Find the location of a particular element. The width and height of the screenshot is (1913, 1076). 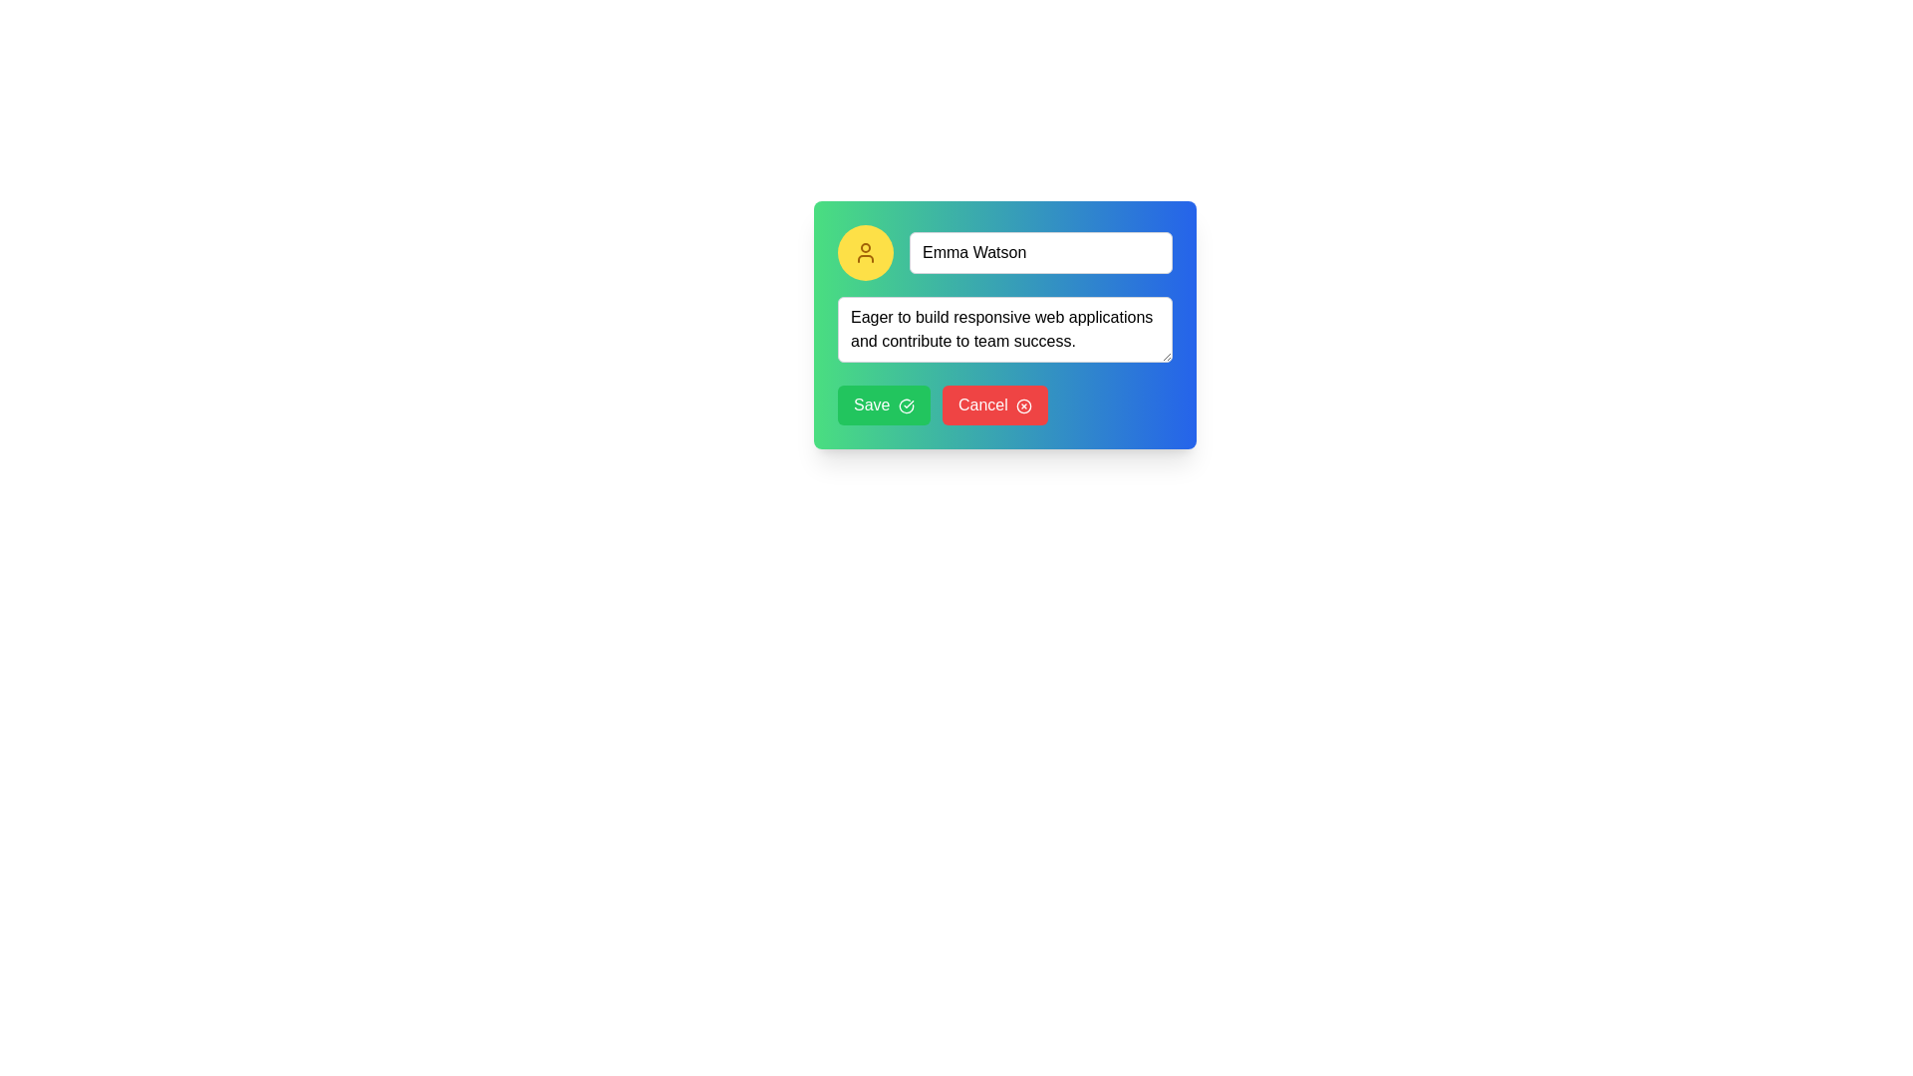

the multiline text input field located below the 'Emma Watson' rounded input field is located at coordinates (1004, 332).